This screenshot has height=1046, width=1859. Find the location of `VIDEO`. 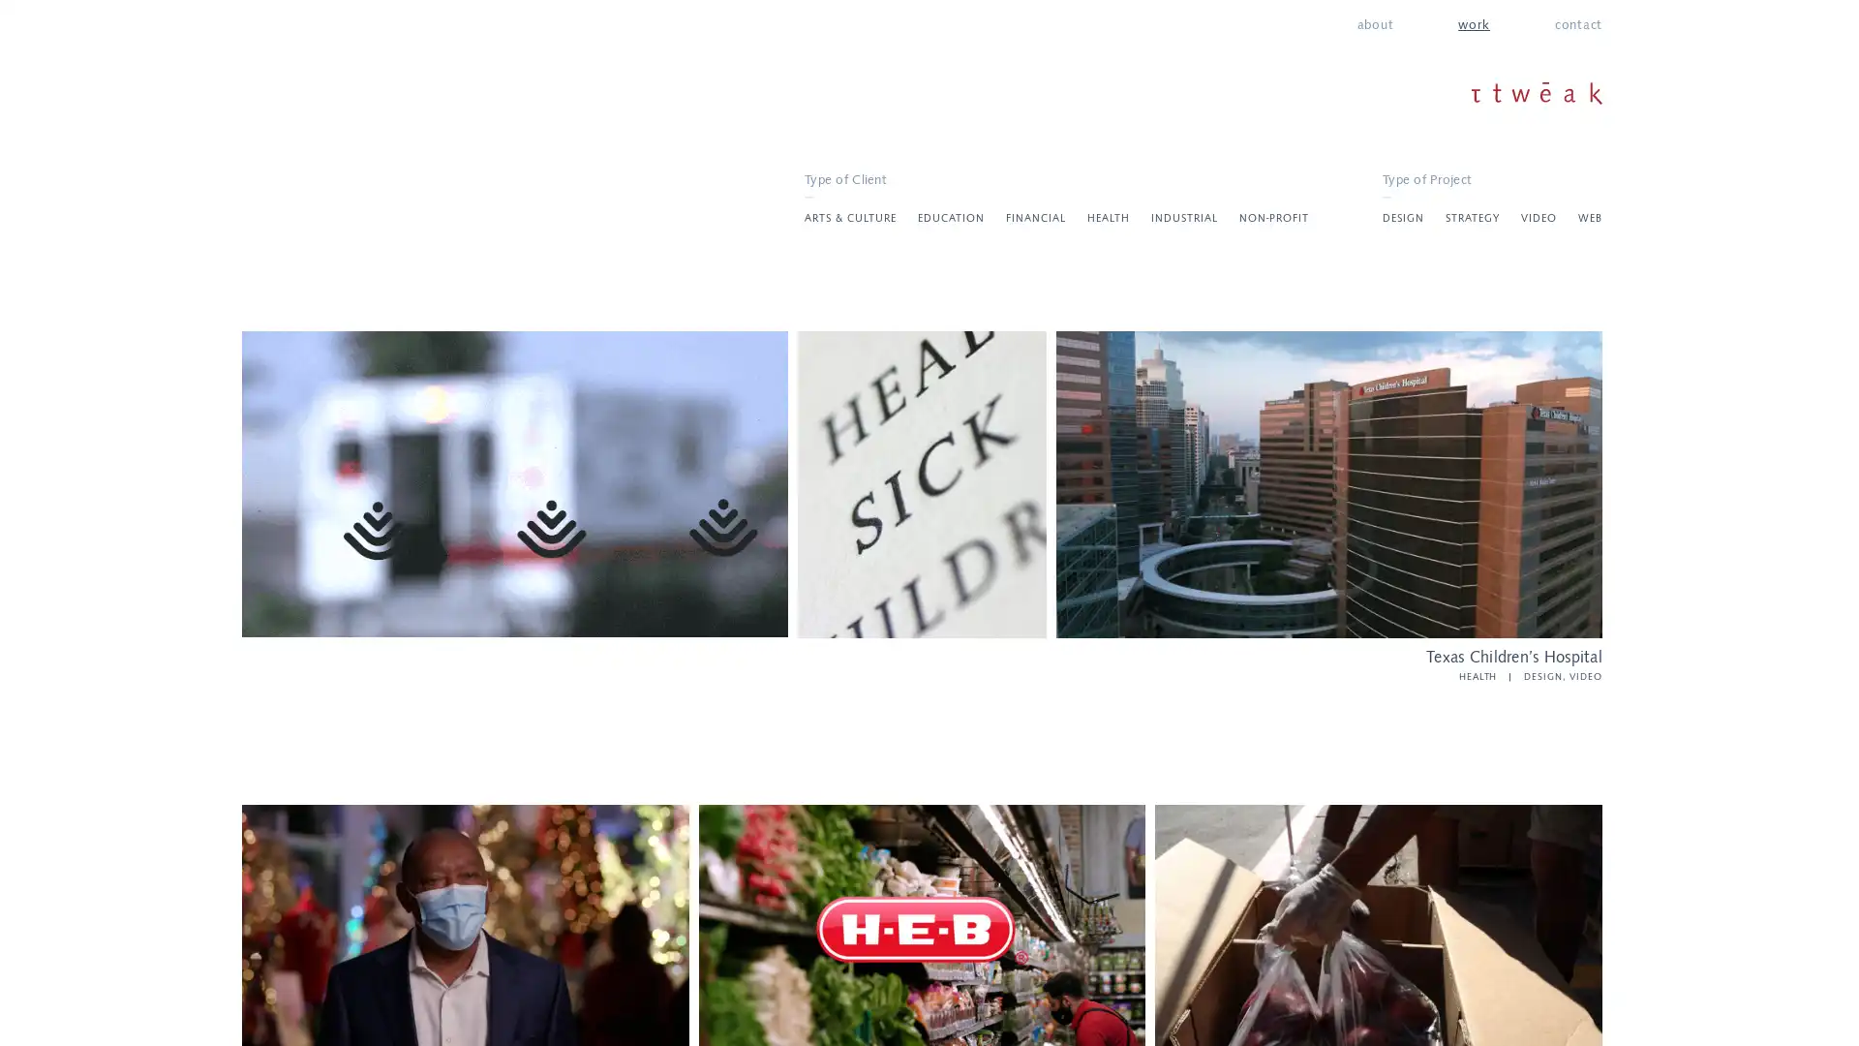

VIDEO is located at coordinates (1538, 218).